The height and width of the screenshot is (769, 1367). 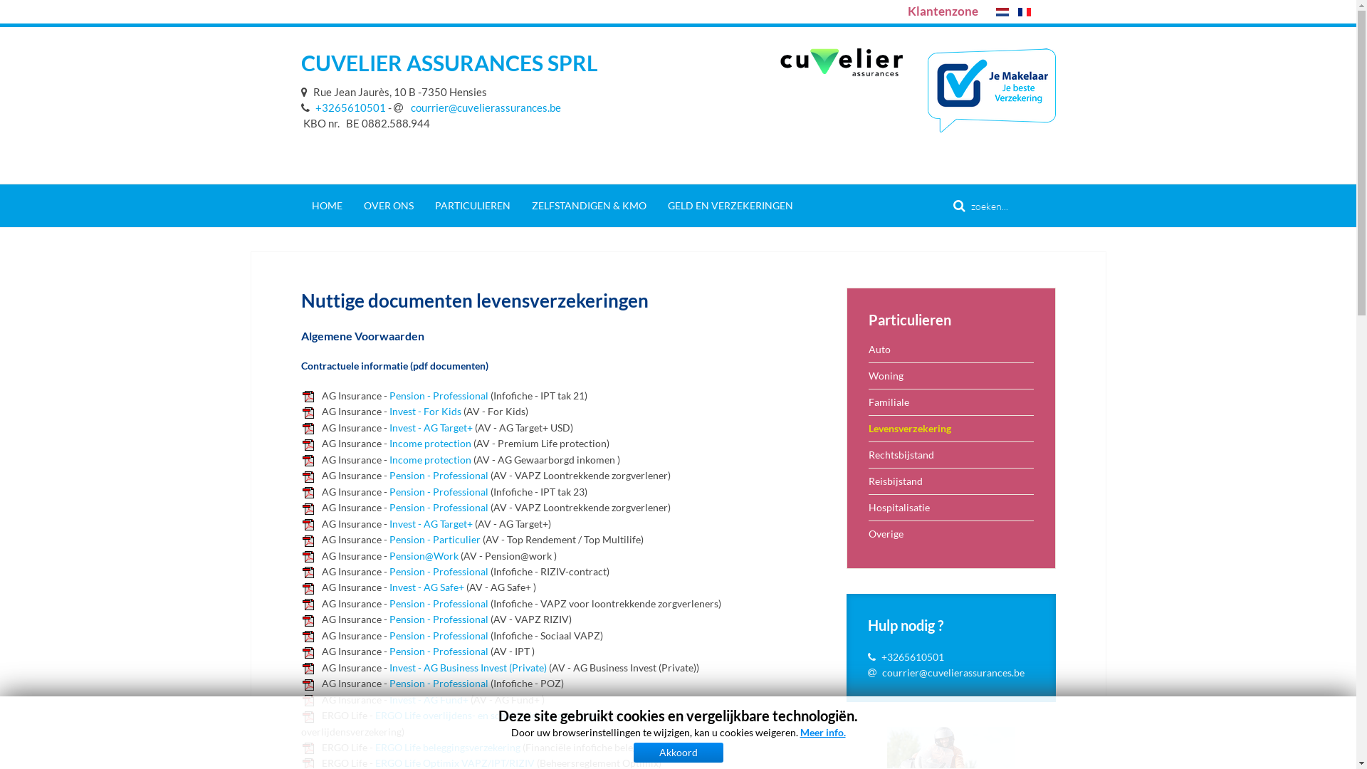 What do you see at coordinates (467, 667) in the screenshot?
I see `'Invest - AG Business Invest (Private)'` at bounding box center [467, 667].